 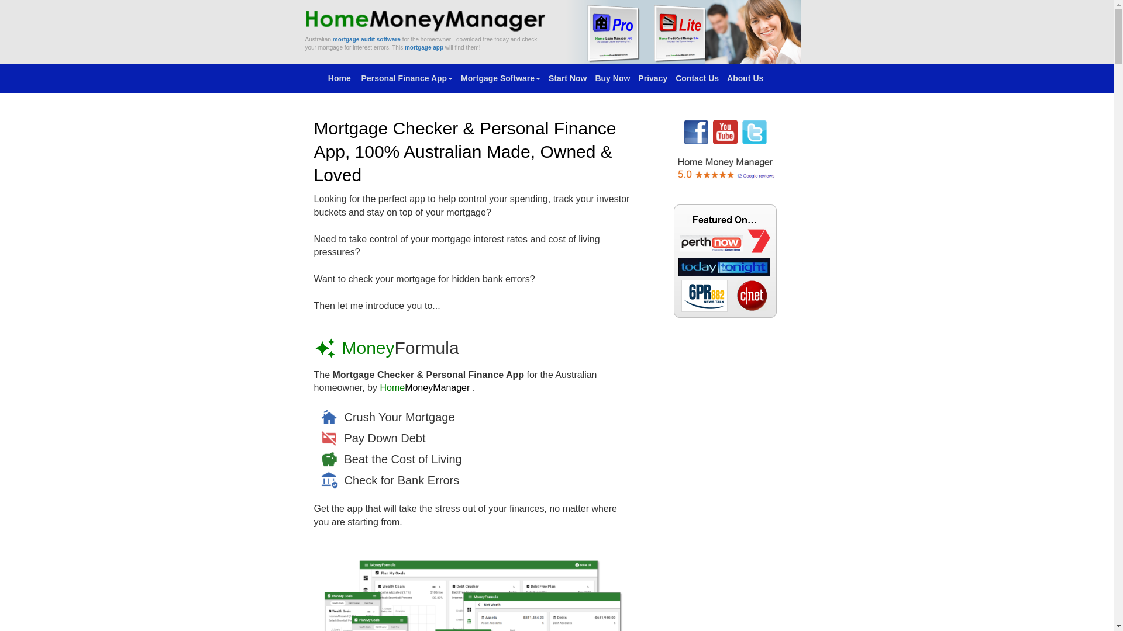 What do you see at coordinates (399, 347) in the screenshot?
I see `'MoneyFormula'` at bounding box center [399, 347].